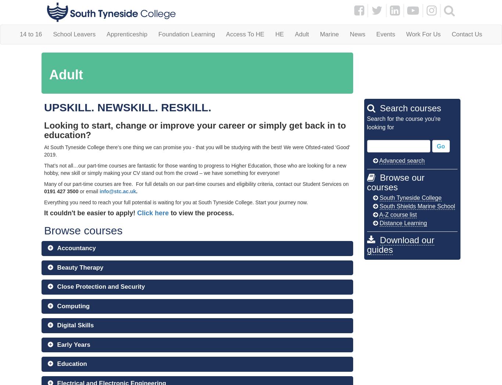 The image size is (502, 385). Describe the element at coordinates (75, 325) in the screenshot. I see `'Digital Skills'` at that location.